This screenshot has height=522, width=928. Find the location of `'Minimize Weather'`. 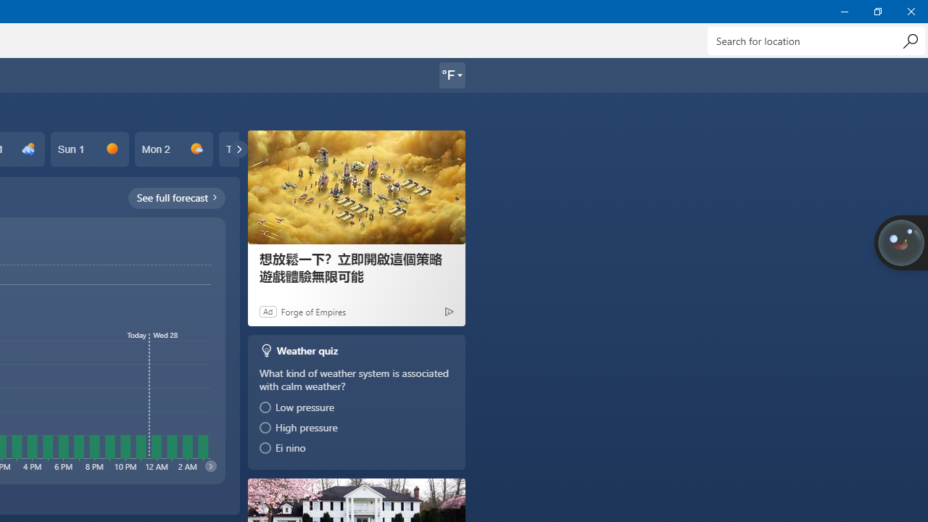

'Minimize Weather' is located at coordinates (844, 11).